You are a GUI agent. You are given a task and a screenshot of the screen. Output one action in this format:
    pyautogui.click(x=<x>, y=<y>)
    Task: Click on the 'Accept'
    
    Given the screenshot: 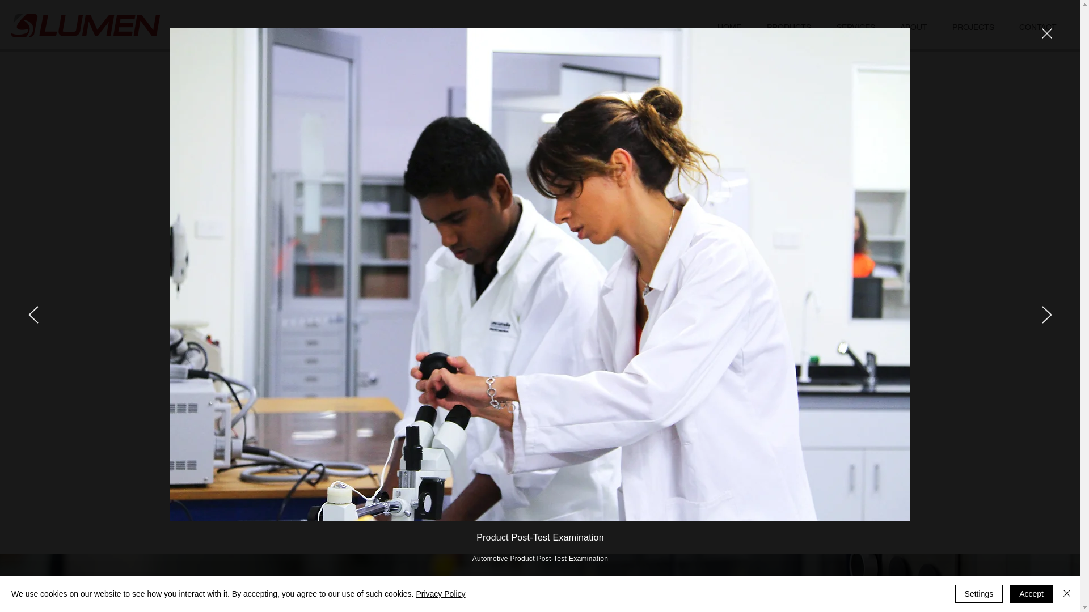 What is the action you would take?
    pyautogui.click(x=1031, y=593)
    